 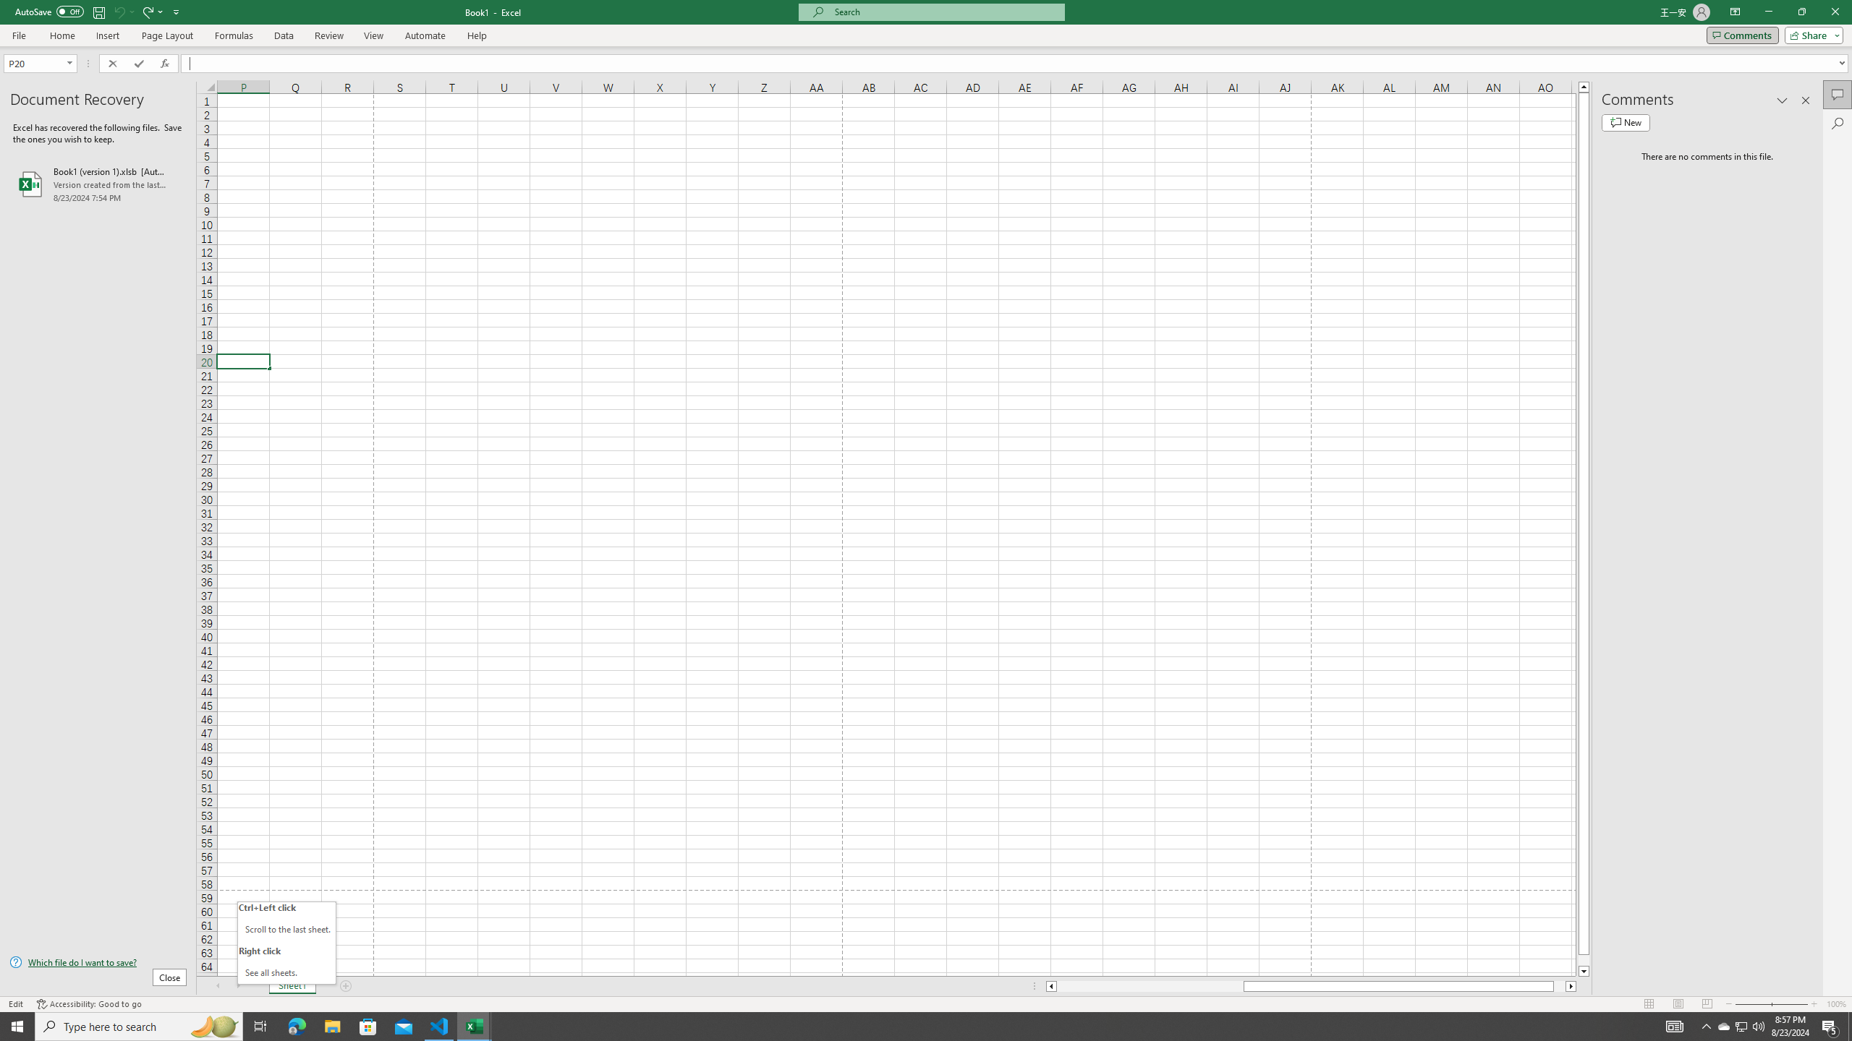 I want to click on 'Zoom Out', so click(x=1752, y=1004).